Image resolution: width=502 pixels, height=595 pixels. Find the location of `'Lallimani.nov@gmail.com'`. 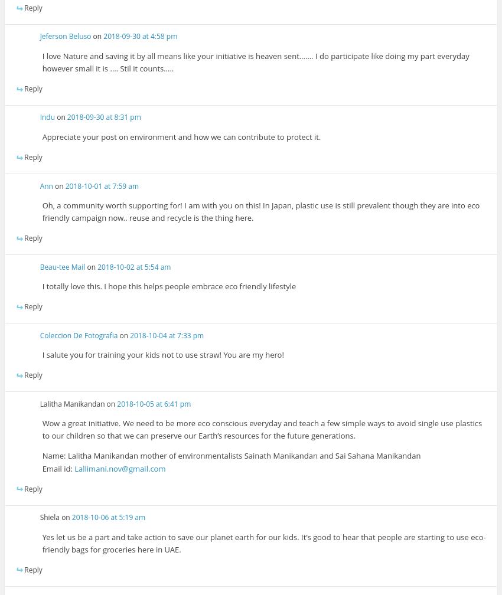

'Lallimani.nov@gmail.com' is located at coordinates (119, 467).